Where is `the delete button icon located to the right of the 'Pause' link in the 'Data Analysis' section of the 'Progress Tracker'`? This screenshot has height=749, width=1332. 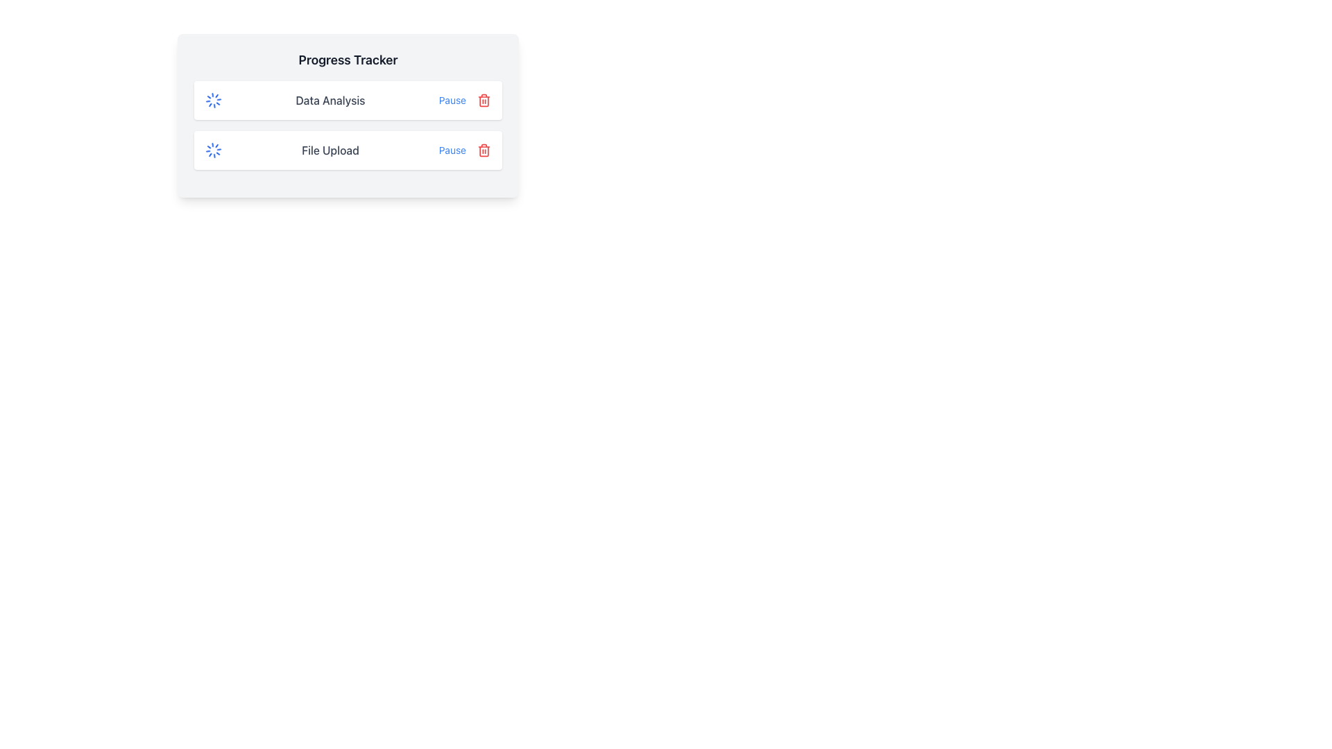
the delete button icon located to the right of the 'Pause' link in the 'Data Analysis' section of the 'Progress Tracker' is located at coordinates (484, 100).